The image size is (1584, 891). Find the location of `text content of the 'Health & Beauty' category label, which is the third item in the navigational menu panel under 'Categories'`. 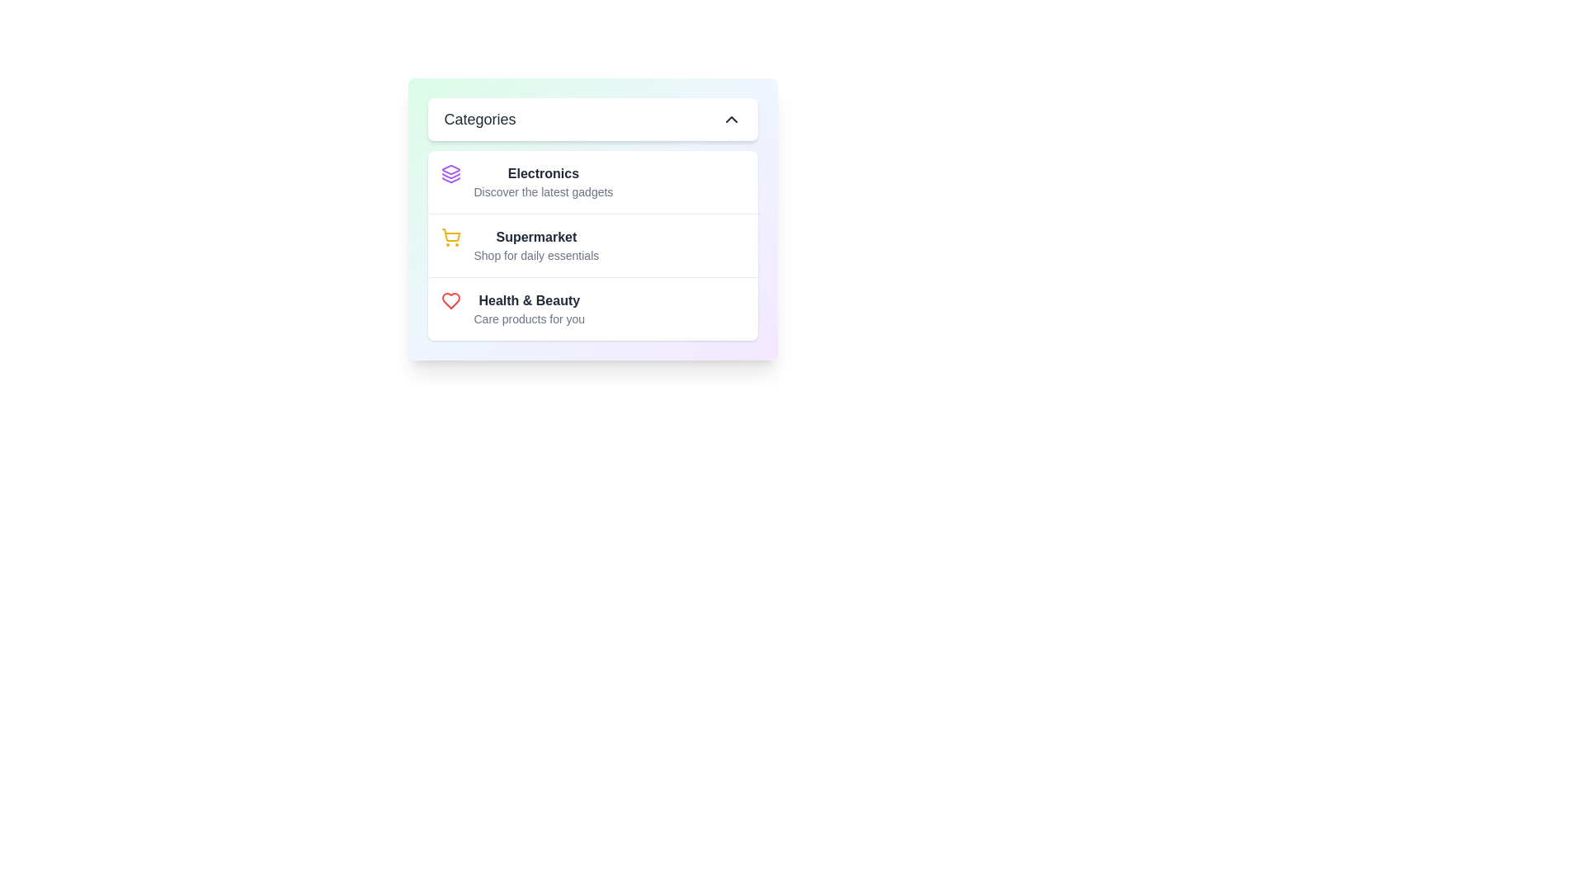

text content of the 'Health & Beauty' category label, which is the third item in the navigational menu panel under 'Categories' is located at coordinates (529, 301).